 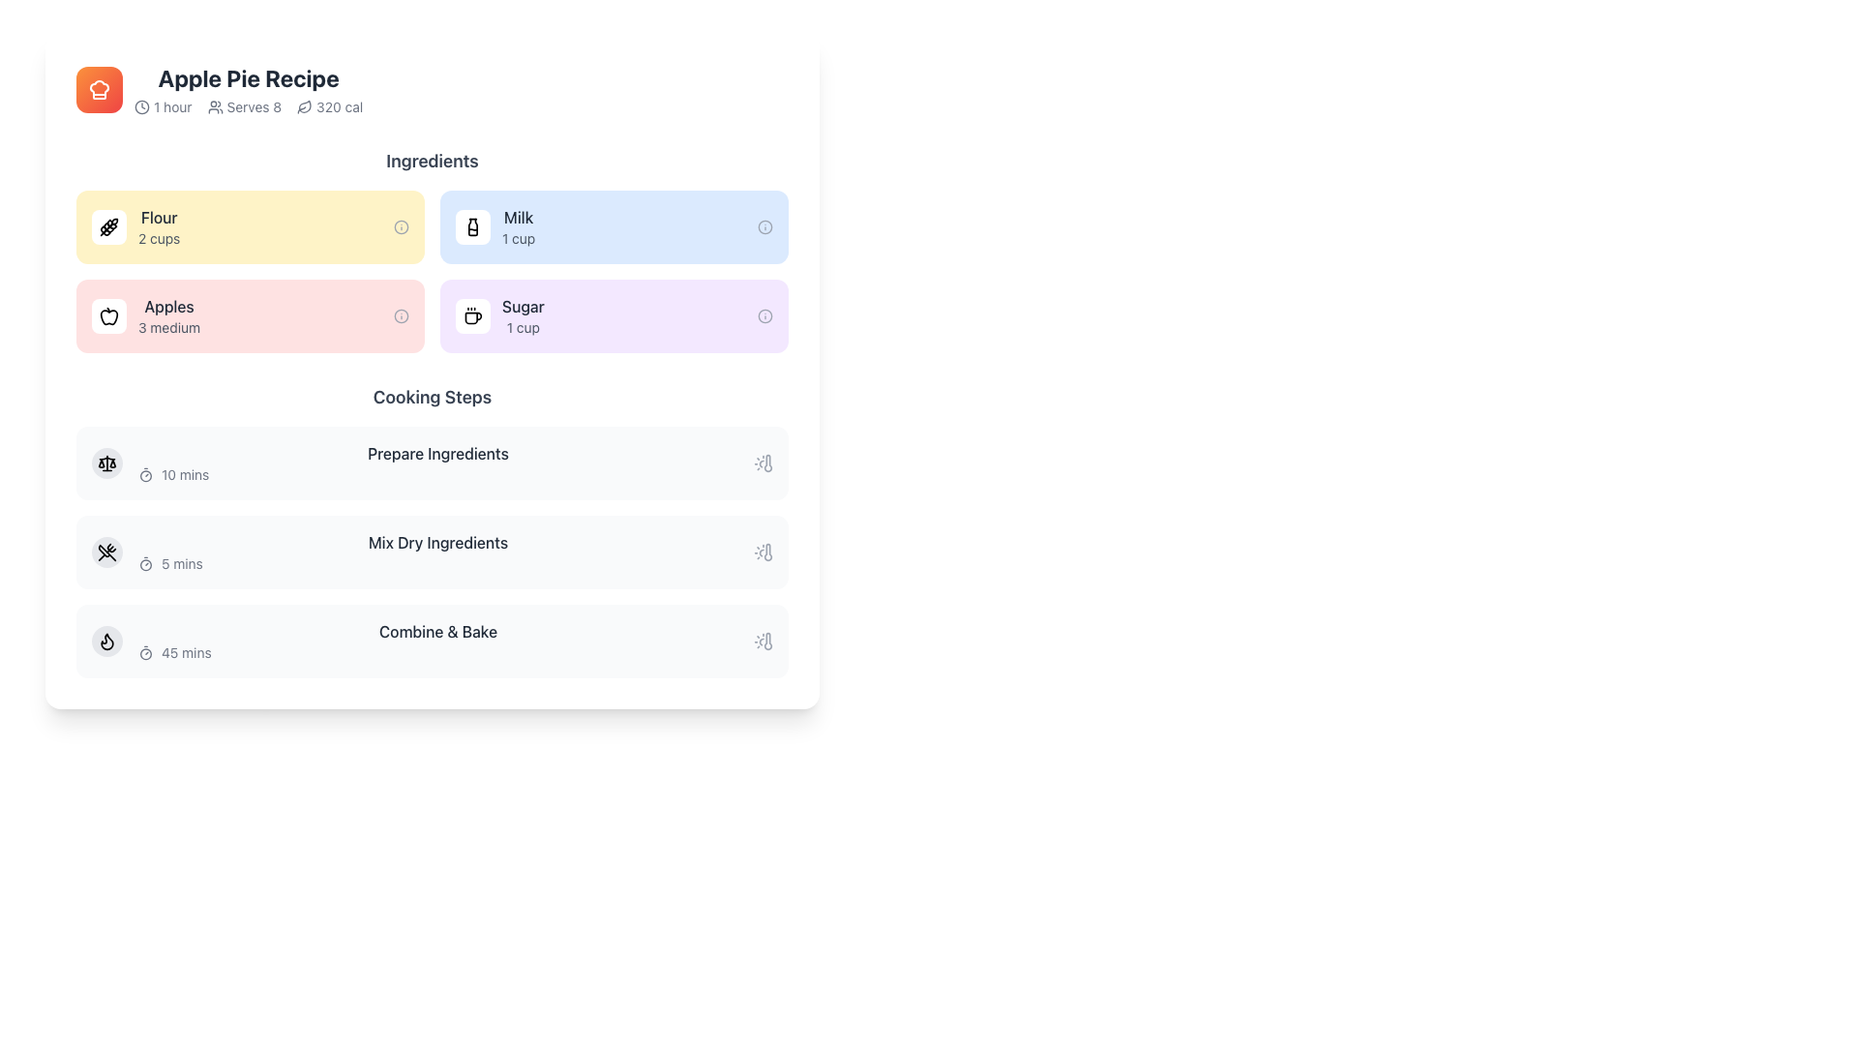 I want to click on the 'Apples' text label with icon, which displays 'Apples' in bold grayish font and '3 medium' below it in smaller gray font, located in the Ingredients section of the pink rectangle, so click(x=169, y=315).